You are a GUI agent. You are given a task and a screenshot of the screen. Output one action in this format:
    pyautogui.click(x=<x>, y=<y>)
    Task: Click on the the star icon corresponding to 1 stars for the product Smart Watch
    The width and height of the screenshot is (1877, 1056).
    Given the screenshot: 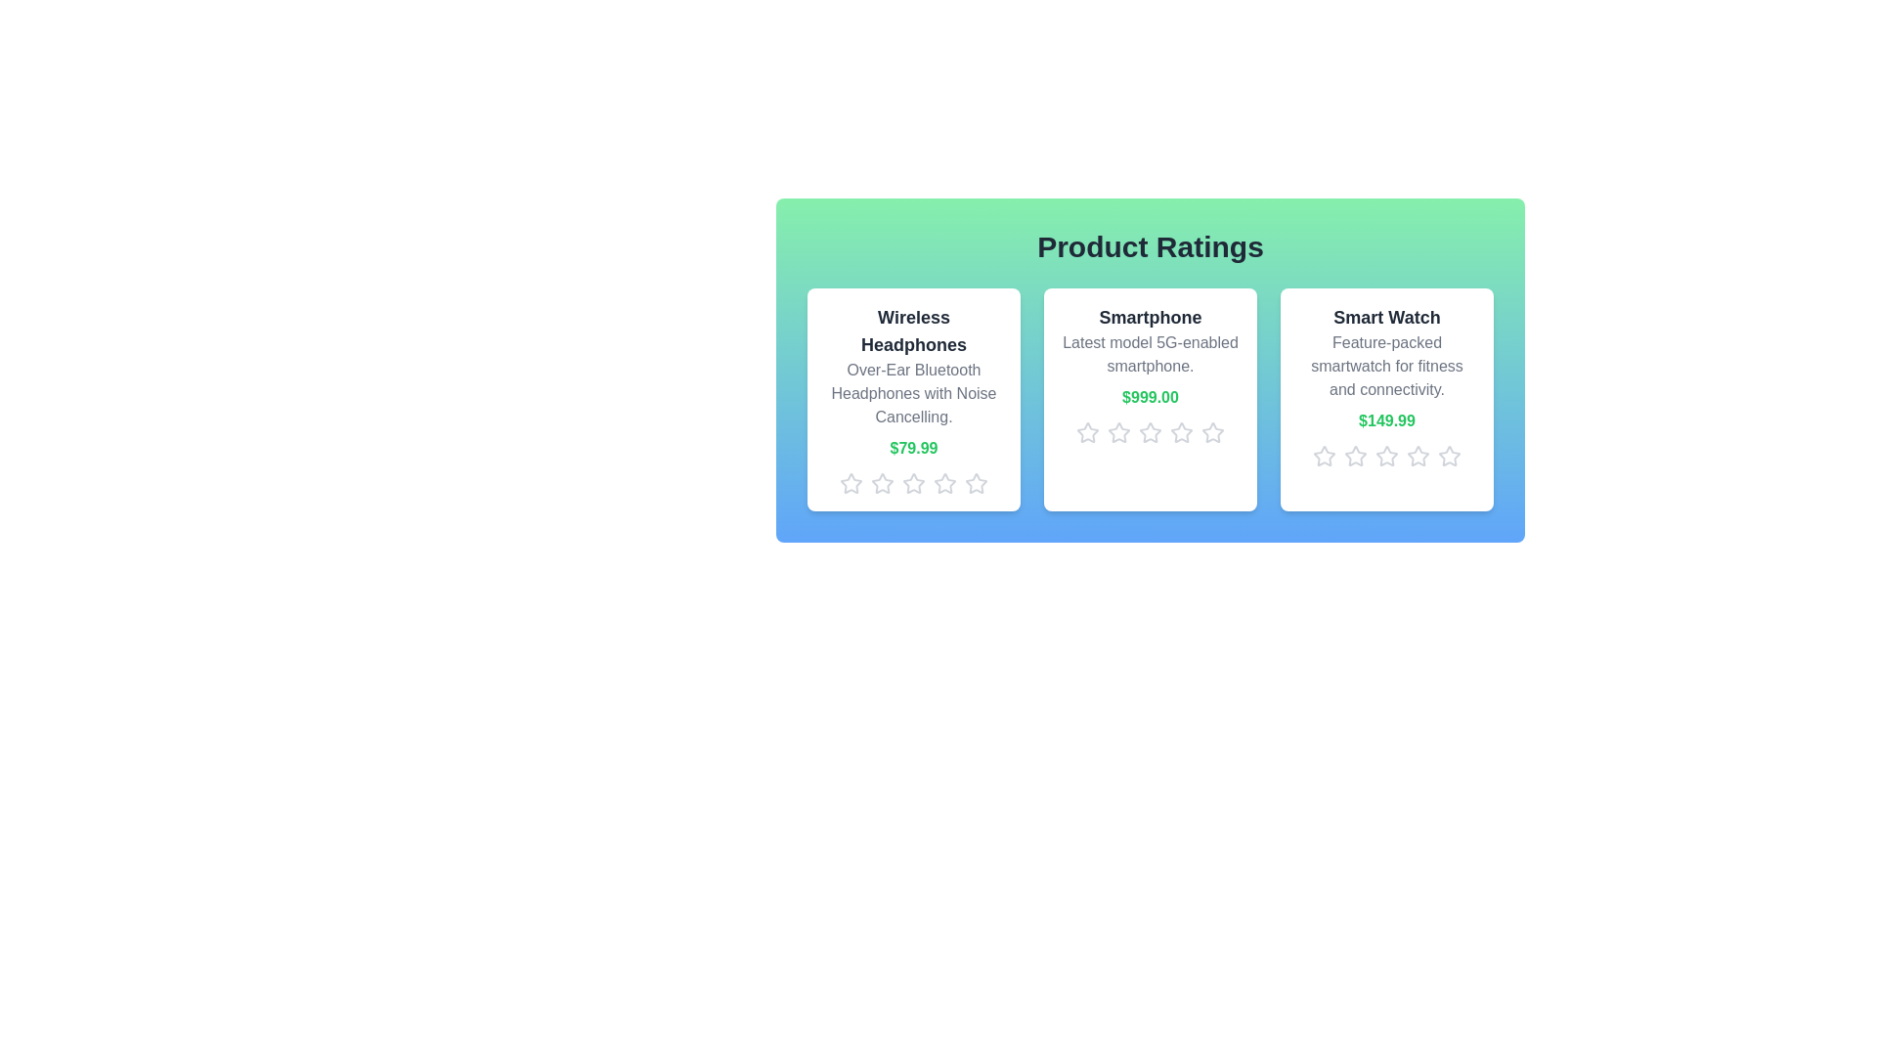 What is the action you would take?
    pyautogui.click(x=1324, y=456)
    